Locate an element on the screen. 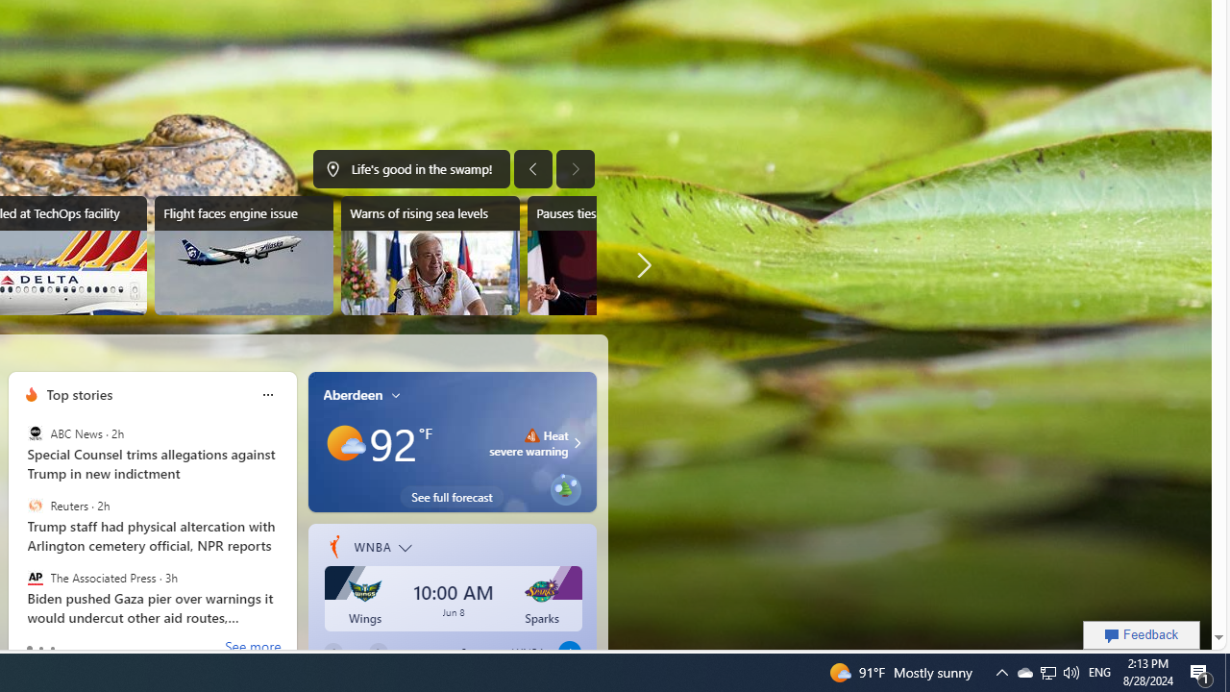 The image size is (1230, 692). 'Aberdeen' is located at coordinates (353, 393).